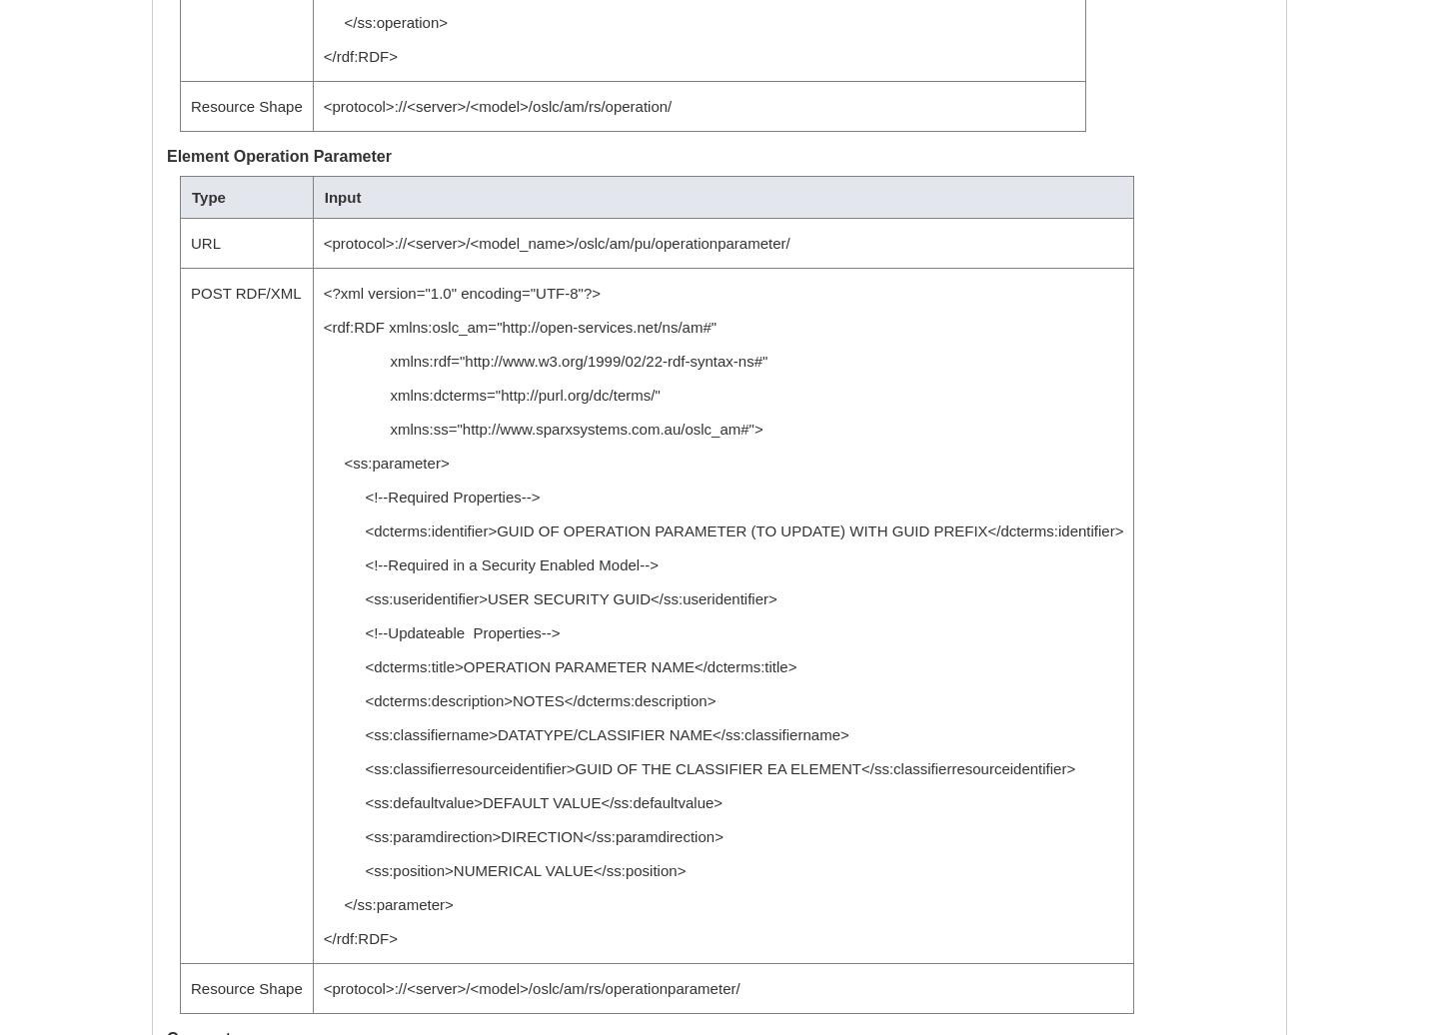  What do you see at coordinates (496, 106) in the screenshot?
I see `'<protocol>://<server>/<model>/oslc/am/rs/operation/'` at bounding box center [496, 106].